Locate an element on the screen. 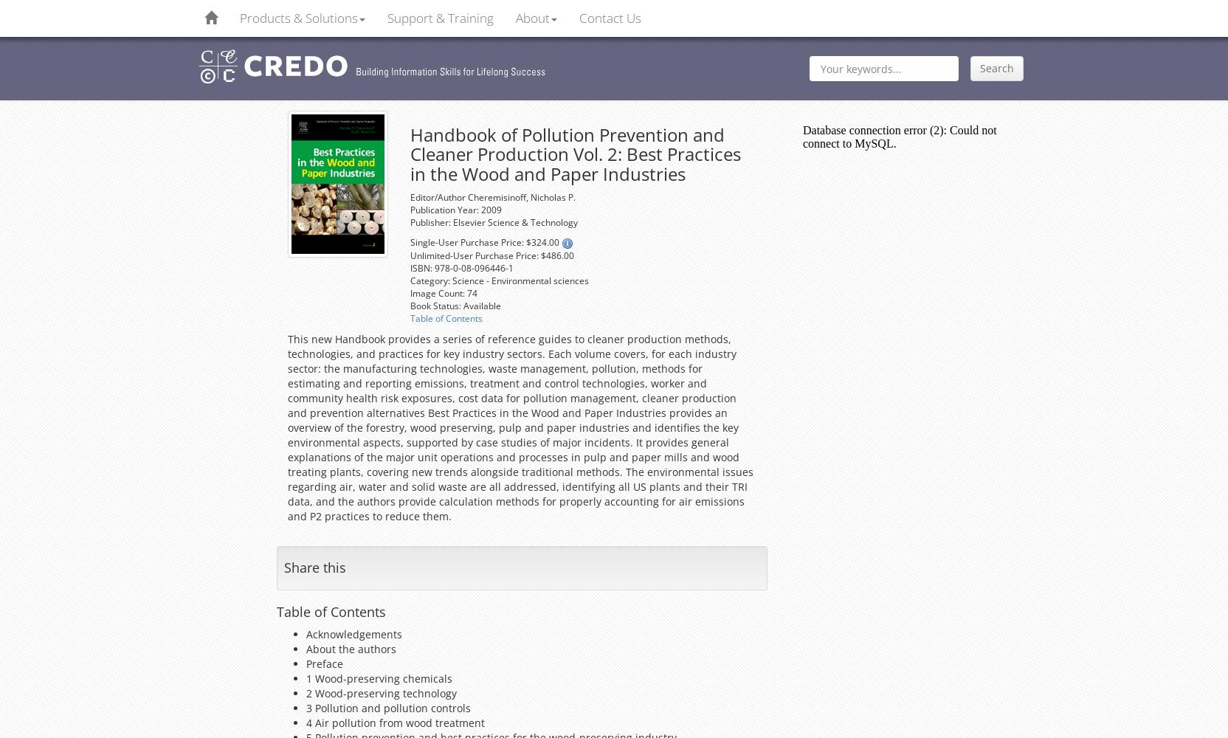  'Handbook of Pollution Prevention and Cleaner Production Vol. 2: Best Practices in the Wood and Paper Industries' is located at coordinates (409, 153).